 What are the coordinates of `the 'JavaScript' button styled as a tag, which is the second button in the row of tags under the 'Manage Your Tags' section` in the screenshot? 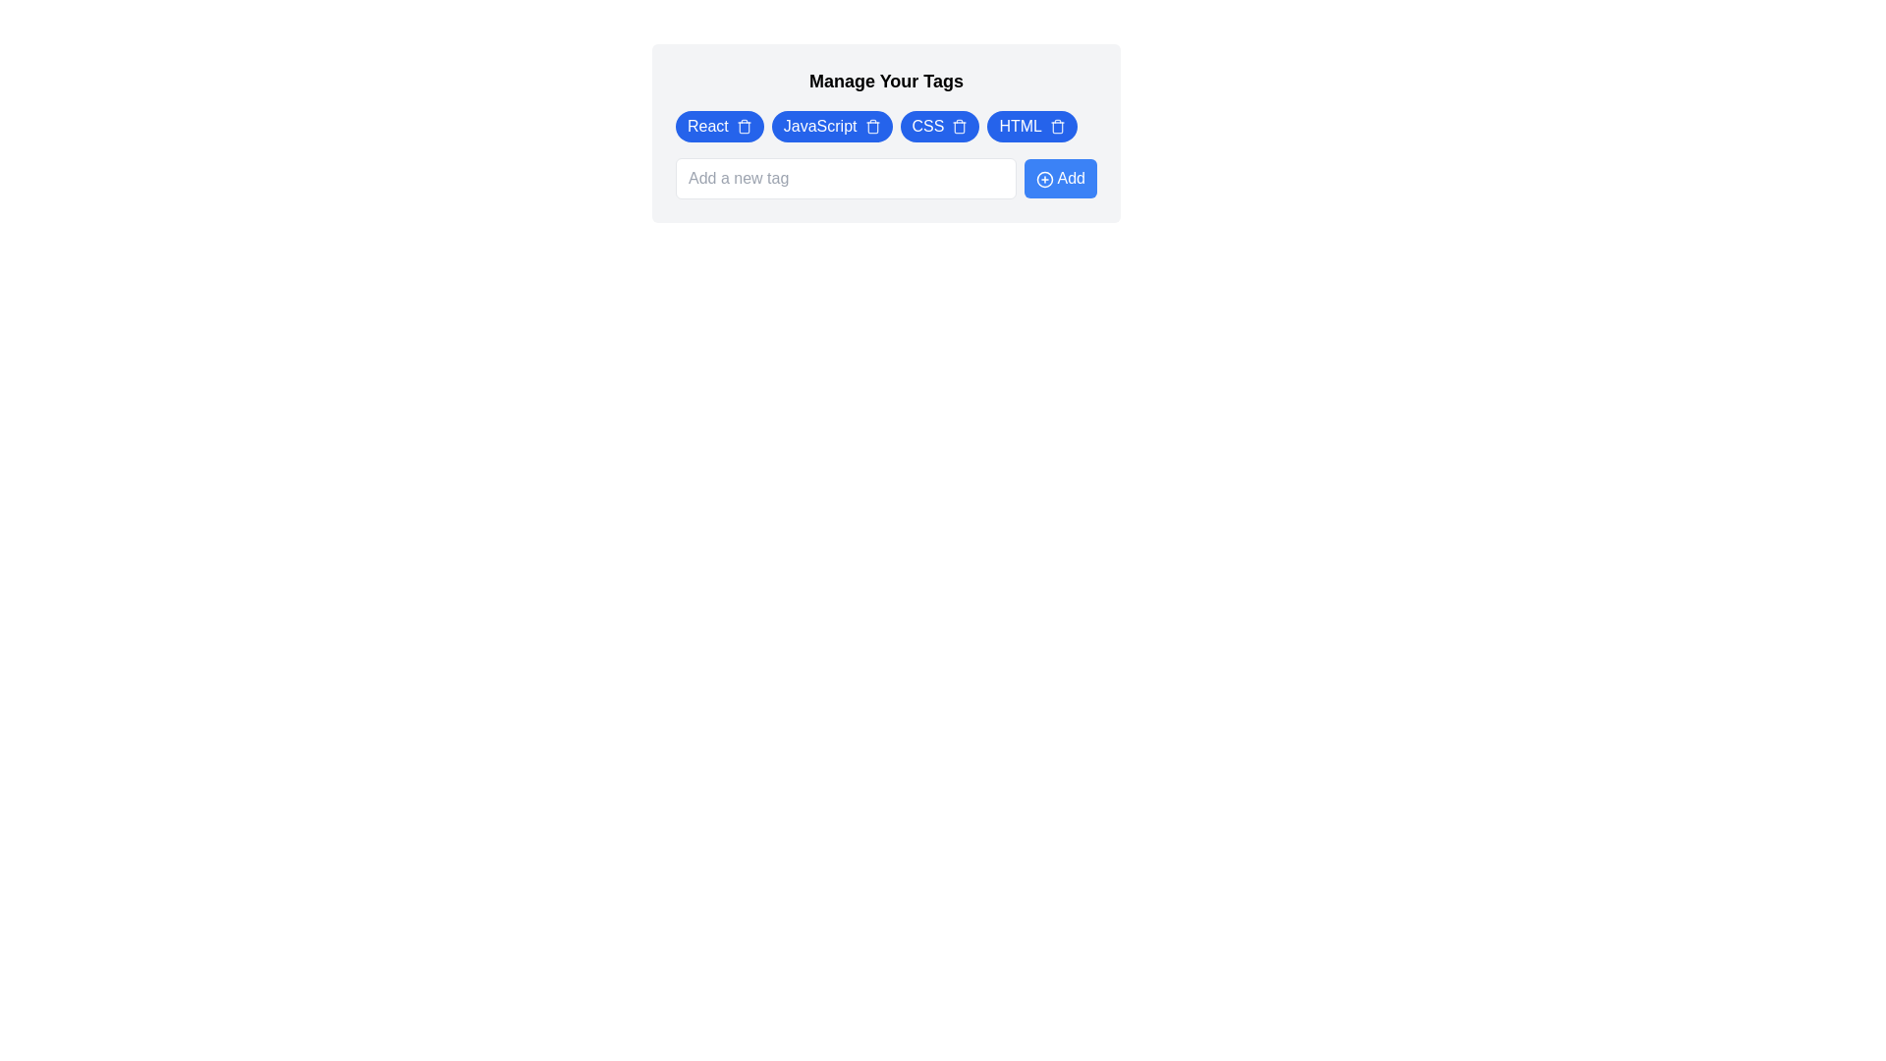 It's located at (832, 126).